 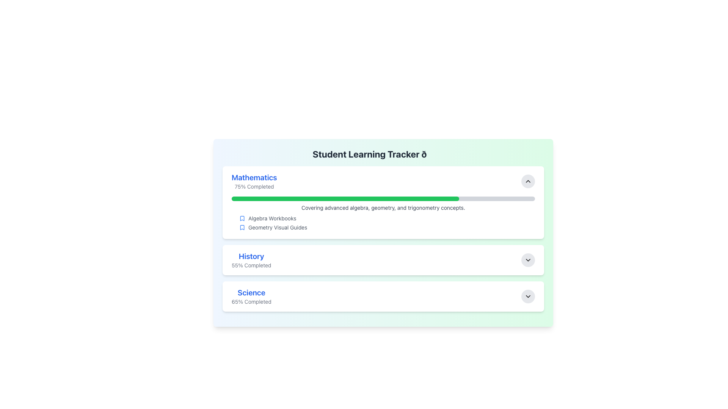 I want to click on the Text label that provides a description of advanced algebra, geometry, and trigonometry, located below the green progress bar in the top section of the interface, so click(x=383, y=208).